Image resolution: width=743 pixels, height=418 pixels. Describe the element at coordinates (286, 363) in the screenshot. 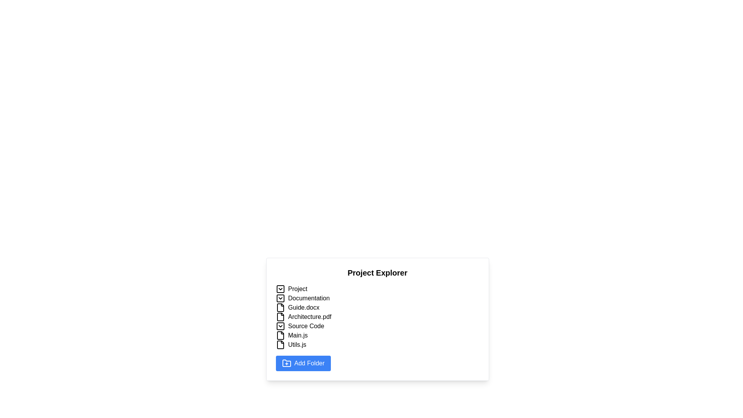

I see `the 'Add Folder' button icon located at the bottom of the 'Project Explorer' panel` at that location.